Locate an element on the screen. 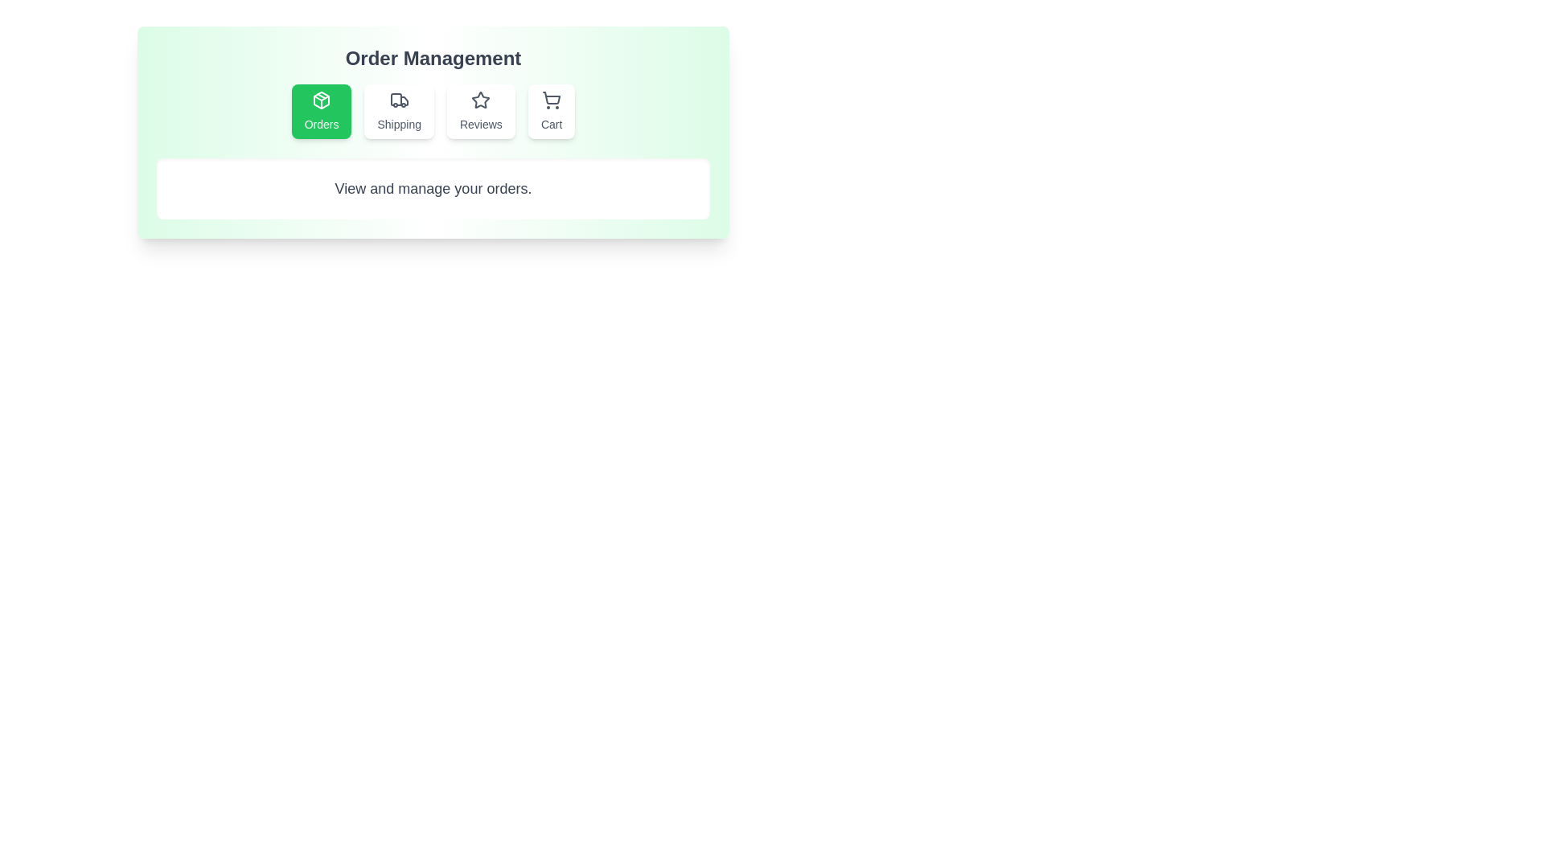 Image resolution: width=1544 pixels, height=868 pixels. text label 'Orders' within the green rectangular button located at the top-left corner of the menu section for reading or accessibility purposes is located at coordinates (321, 123).